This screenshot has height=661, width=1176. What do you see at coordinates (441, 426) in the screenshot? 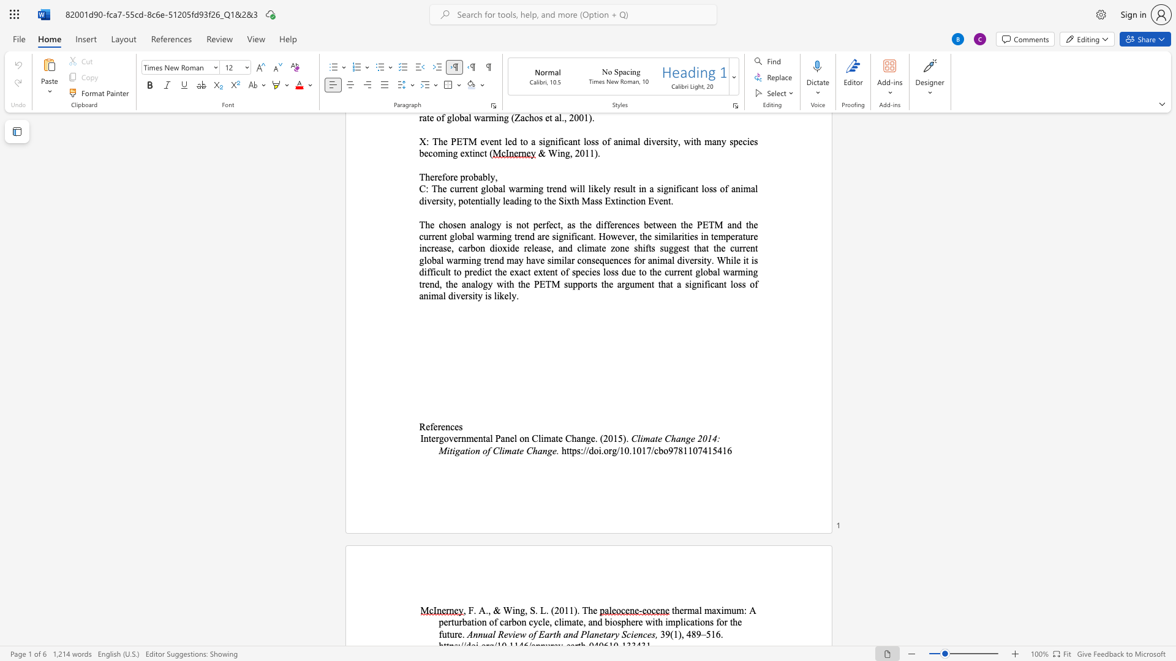
I see `the space between the continuous character "r" and "e" in the text` at bounding box center [441, 426].